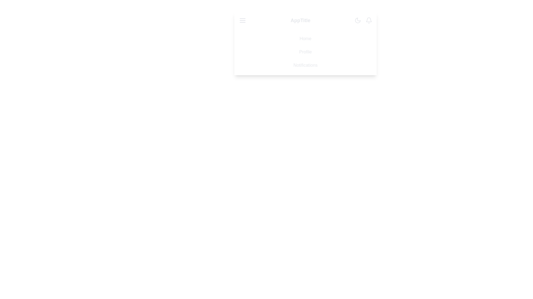  I want to click on the menu item Home to select its text, so click(305, 38).